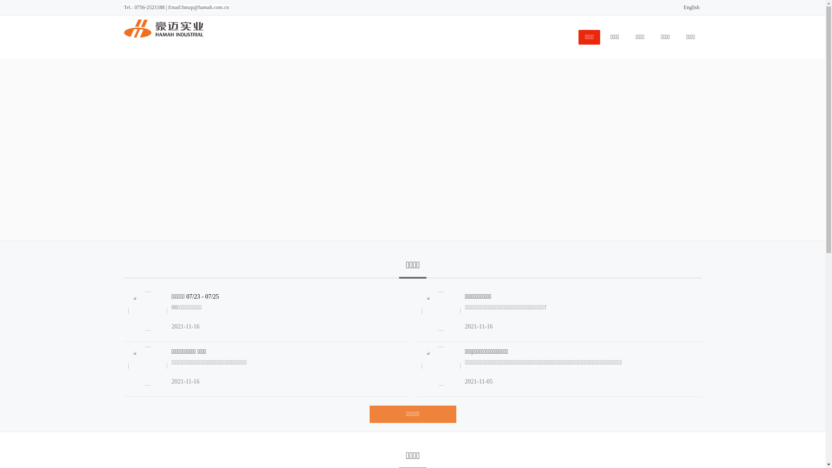 The height and width of the screenshot is (468, 832). Describe the element at coordinates (129, 7) in the screenshot. I see `'Tel.:'` at that location.